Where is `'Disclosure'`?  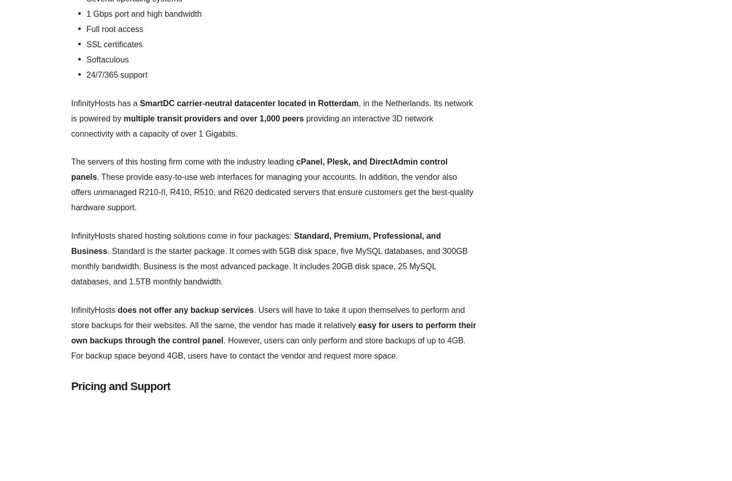
'Disclosure' is located at coordinates (378, 78).